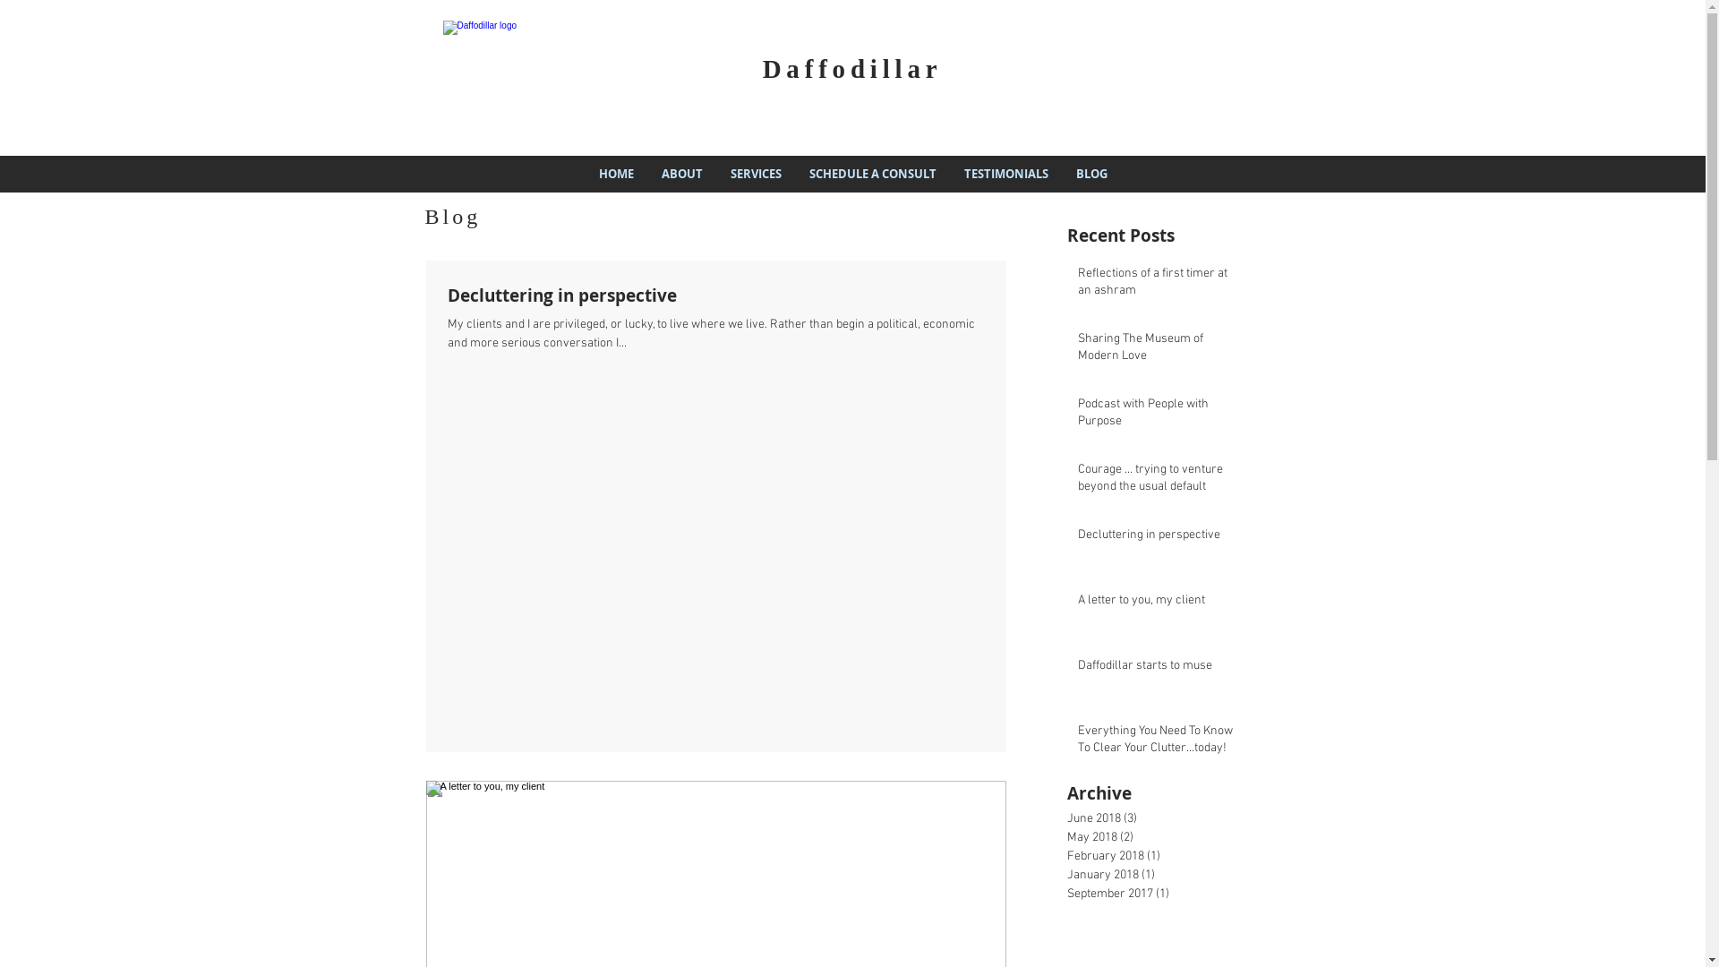 The image size is (1719, 967). Describe the element at coordinates (1066, 855) in the screenshot. I see `'February 2018 (1)'` at that location.